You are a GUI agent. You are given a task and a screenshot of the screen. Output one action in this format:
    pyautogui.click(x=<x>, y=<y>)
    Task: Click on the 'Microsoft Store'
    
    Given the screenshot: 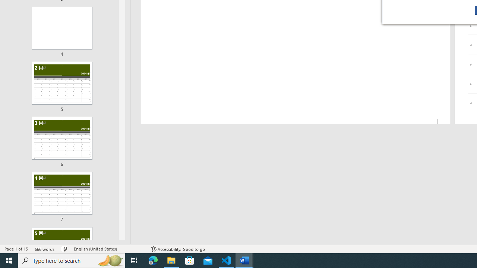 What is the action you would take?
    pyautogui.click(x=190, y=260)
    